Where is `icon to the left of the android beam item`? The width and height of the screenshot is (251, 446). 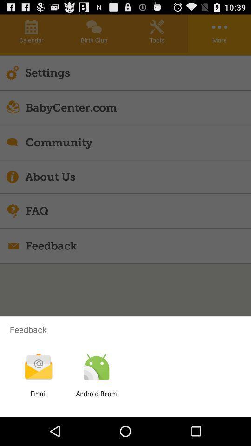 icon to the left of the android beam item is located at coordinates (38, 397).